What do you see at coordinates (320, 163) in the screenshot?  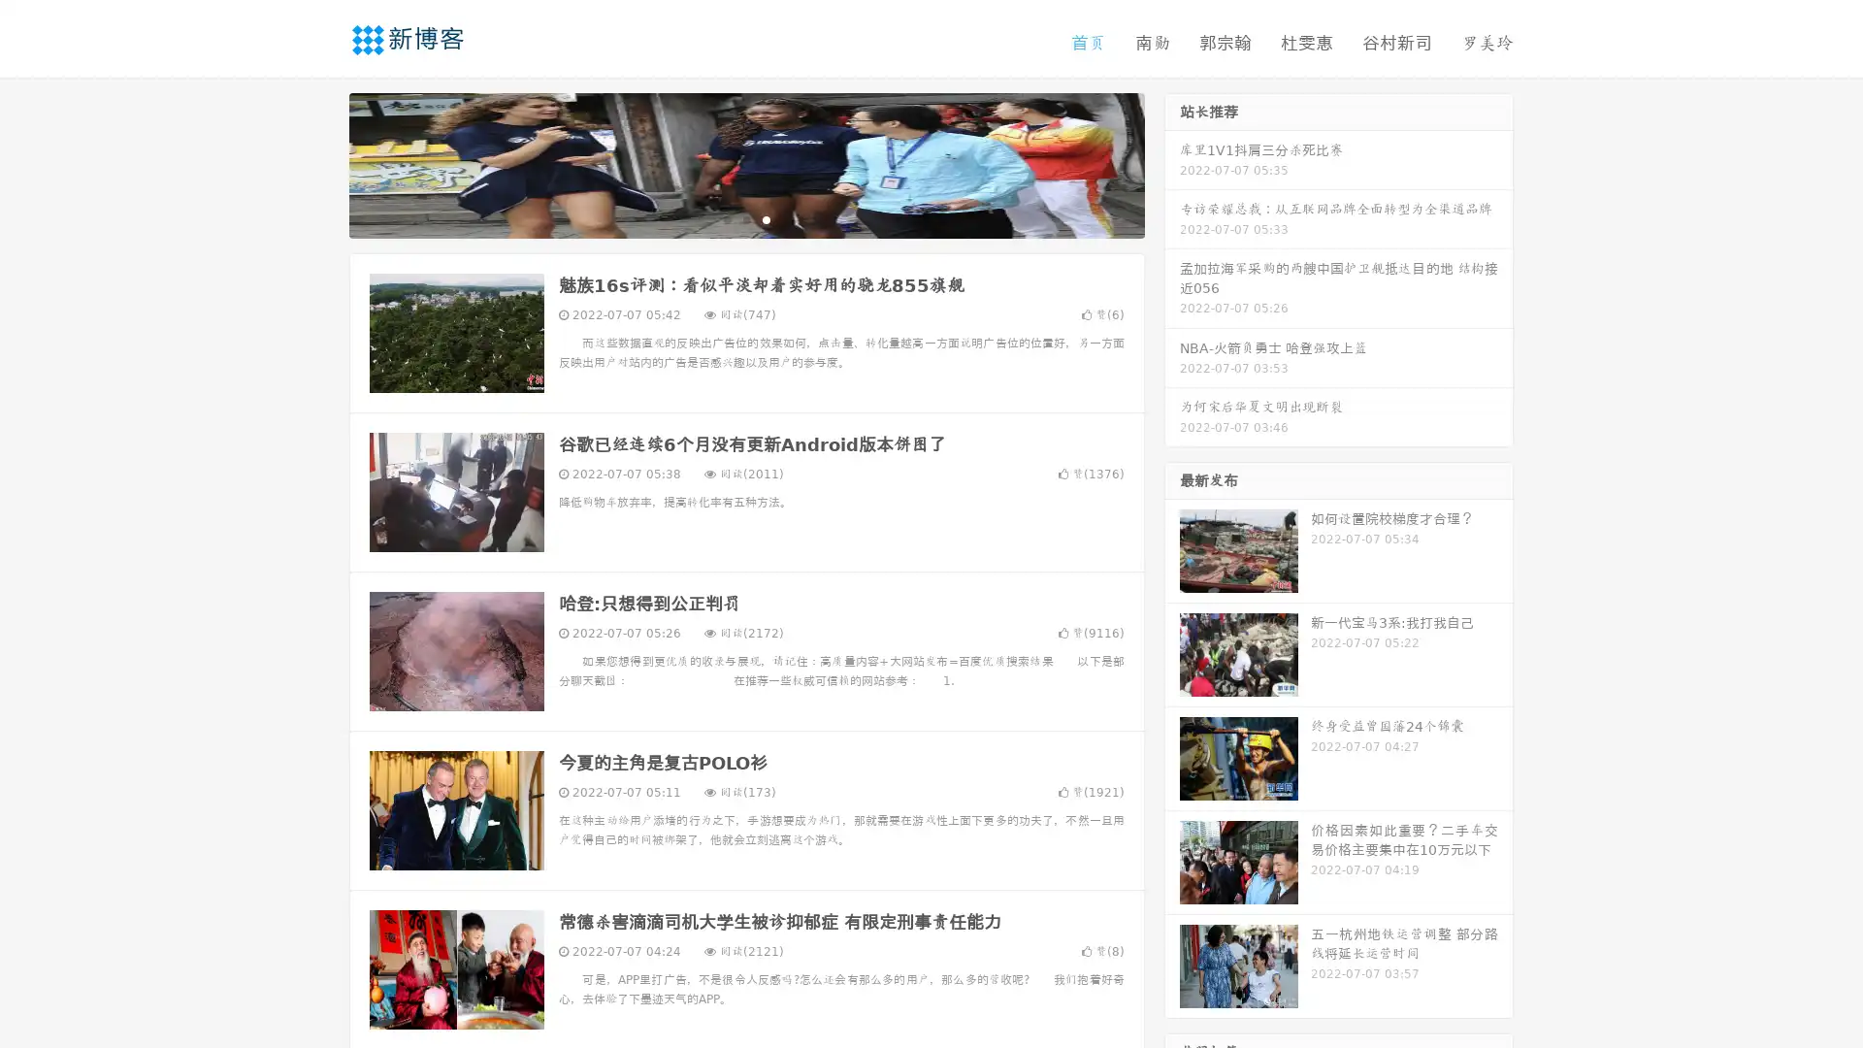 I see `Previous slide` at bounding box center [320, 163].